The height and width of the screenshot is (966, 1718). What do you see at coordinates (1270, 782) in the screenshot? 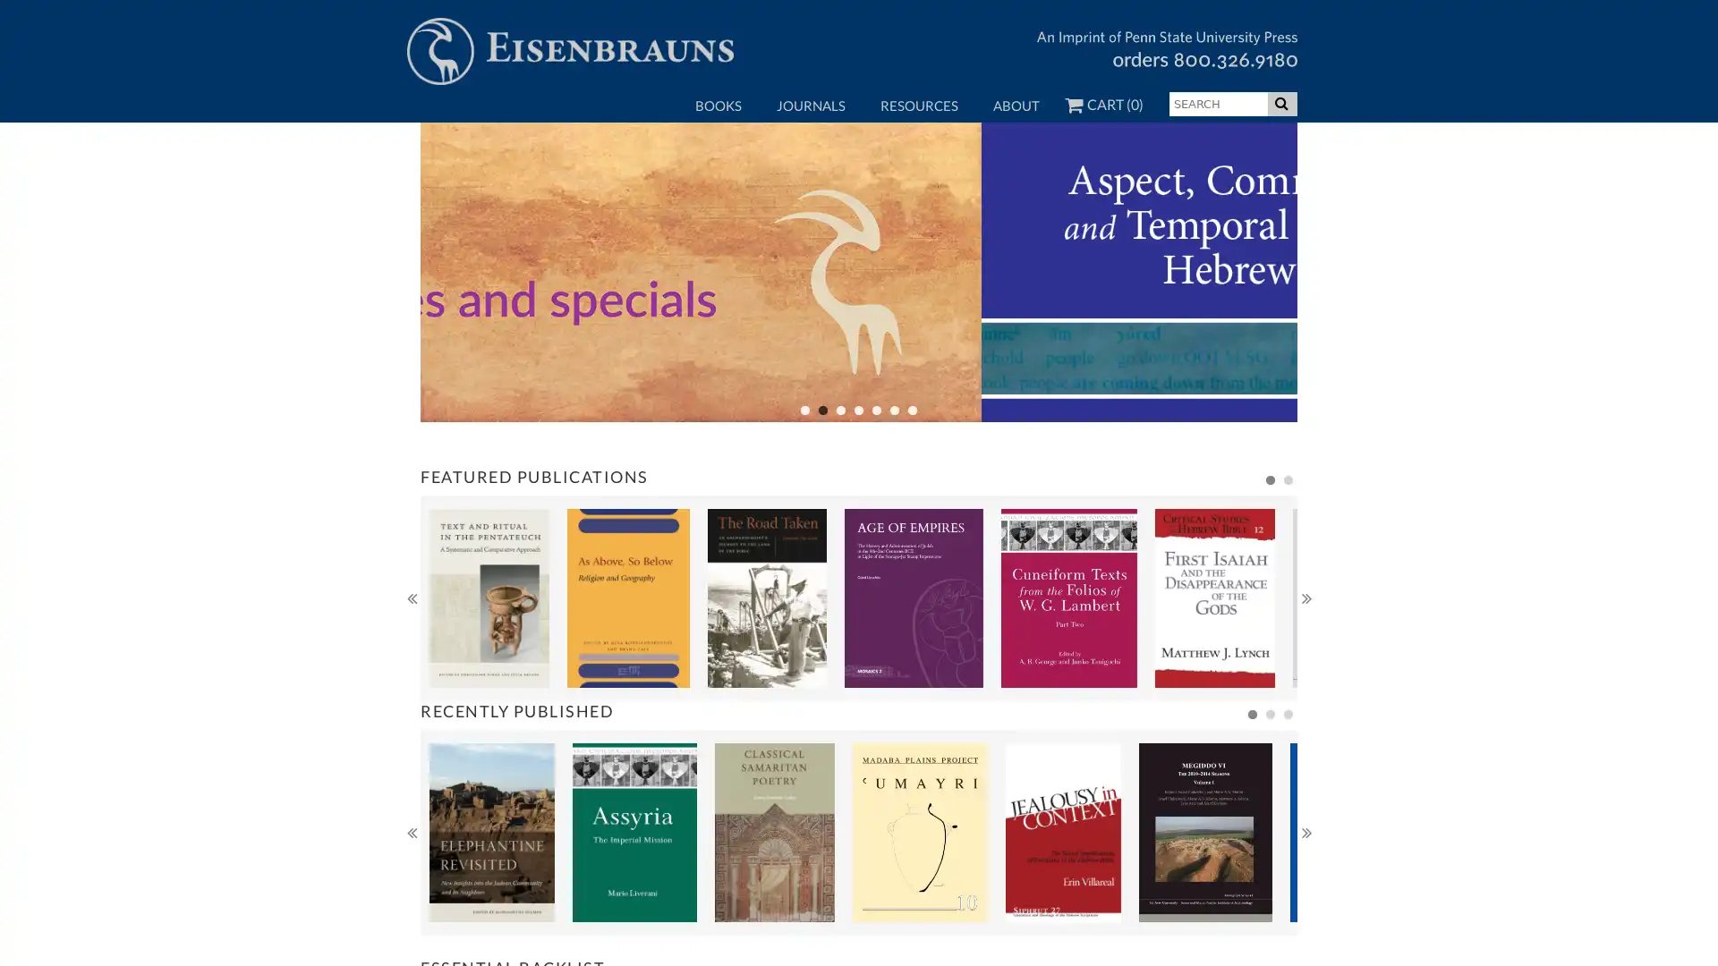
I see `2` at bounding box center [1270, 782].